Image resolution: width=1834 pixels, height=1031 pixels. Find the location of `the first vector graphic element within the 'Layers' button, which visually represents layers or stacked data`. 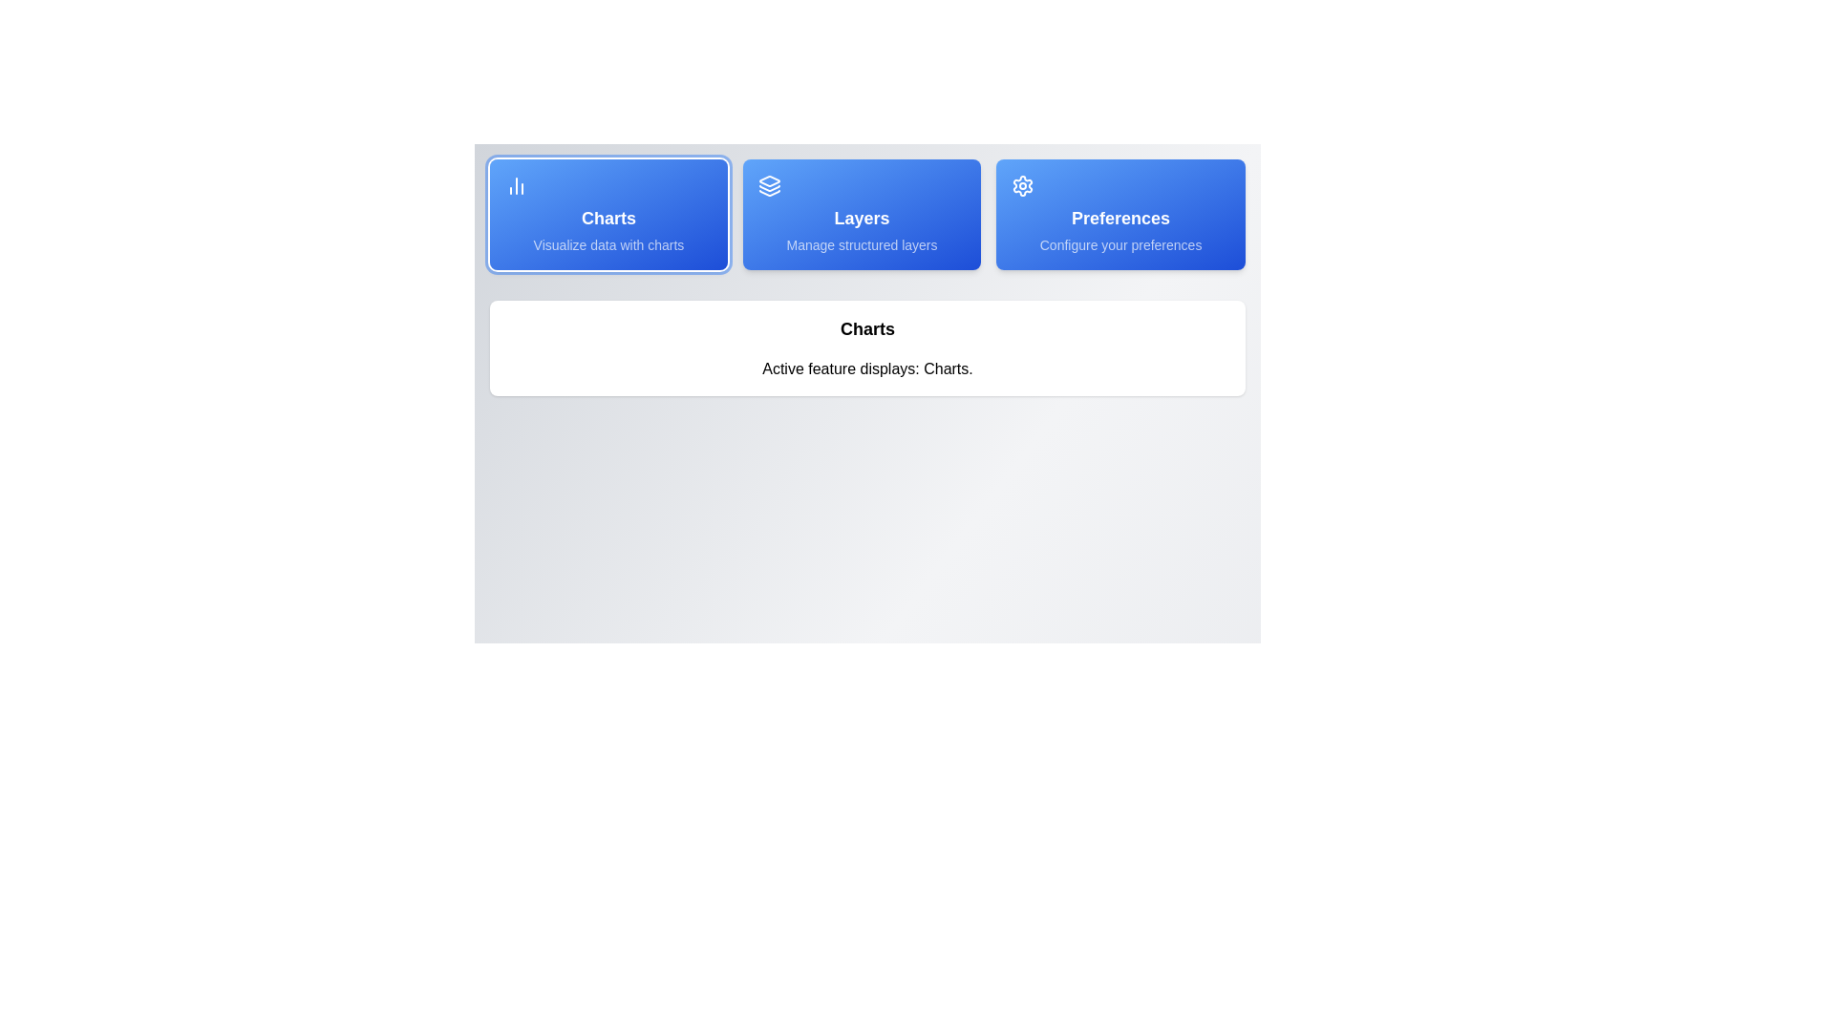

the first vector graphic element within the 'Layers' button, which visually represents layers or stacked data is located at coordinates (770, 180).